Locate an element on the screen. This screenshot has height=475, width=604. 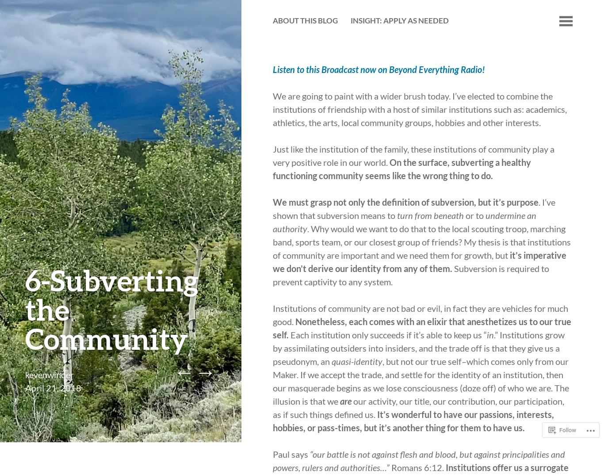
'It’s wonderful to have our passions, interests, hobbies, or pass-times, but it’s another thing for them to have us.' is located at coordinates (413, 421).